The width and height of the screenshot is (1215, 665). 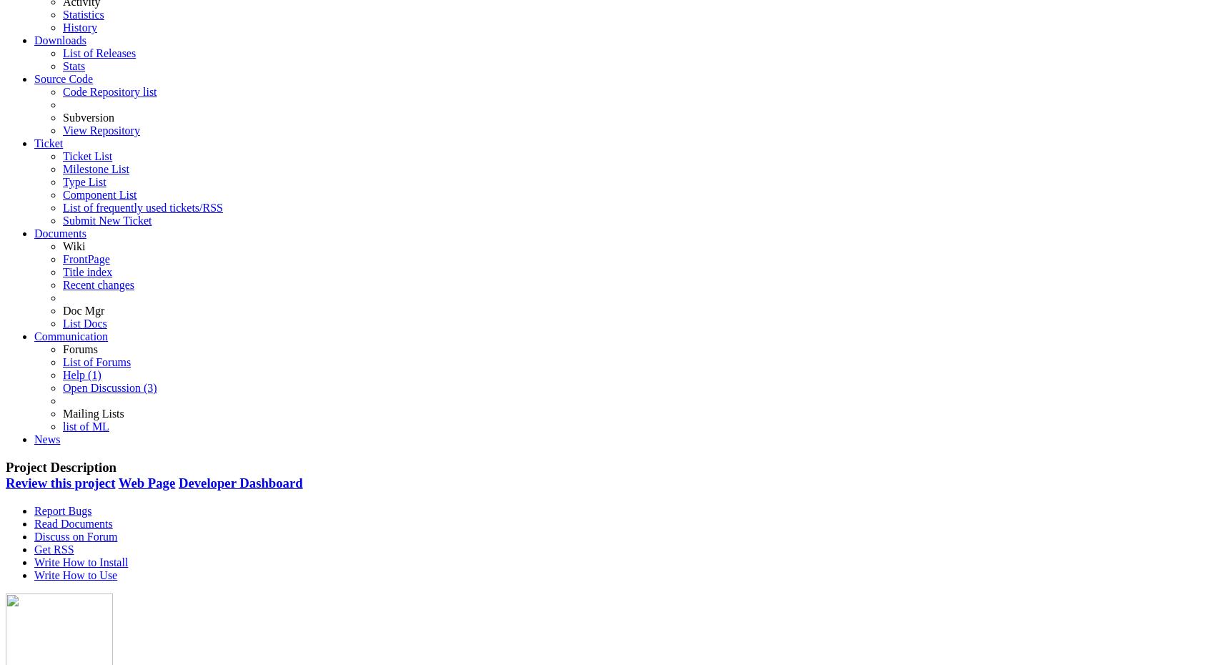 I want to click on 'News', so click(x=46, y=439).